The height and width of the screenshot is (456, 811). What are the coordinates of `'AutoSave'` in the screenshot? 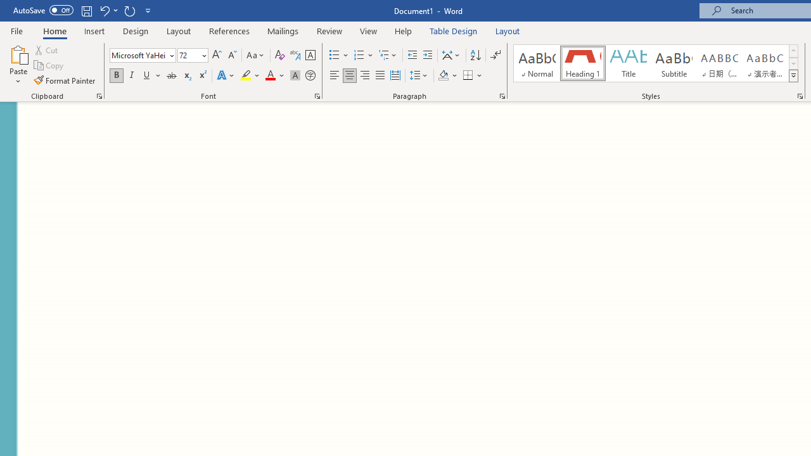 It's located at (43, 10).